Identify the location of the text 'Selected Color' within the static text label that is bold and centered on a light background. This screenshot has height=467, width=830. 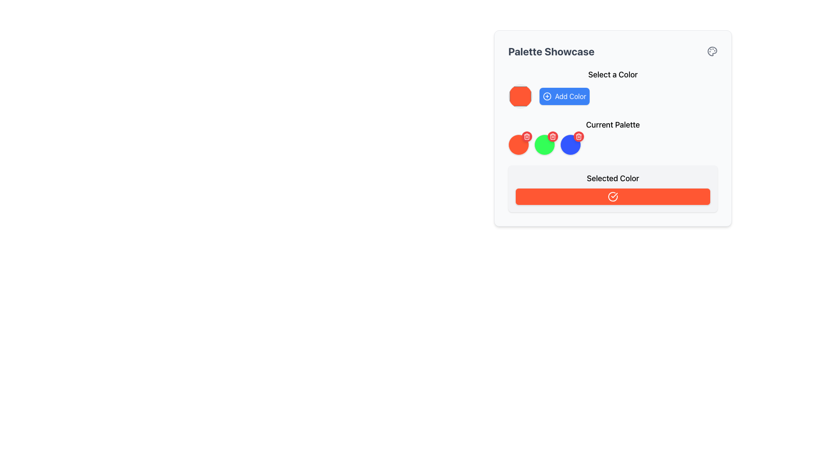
(612, 178).